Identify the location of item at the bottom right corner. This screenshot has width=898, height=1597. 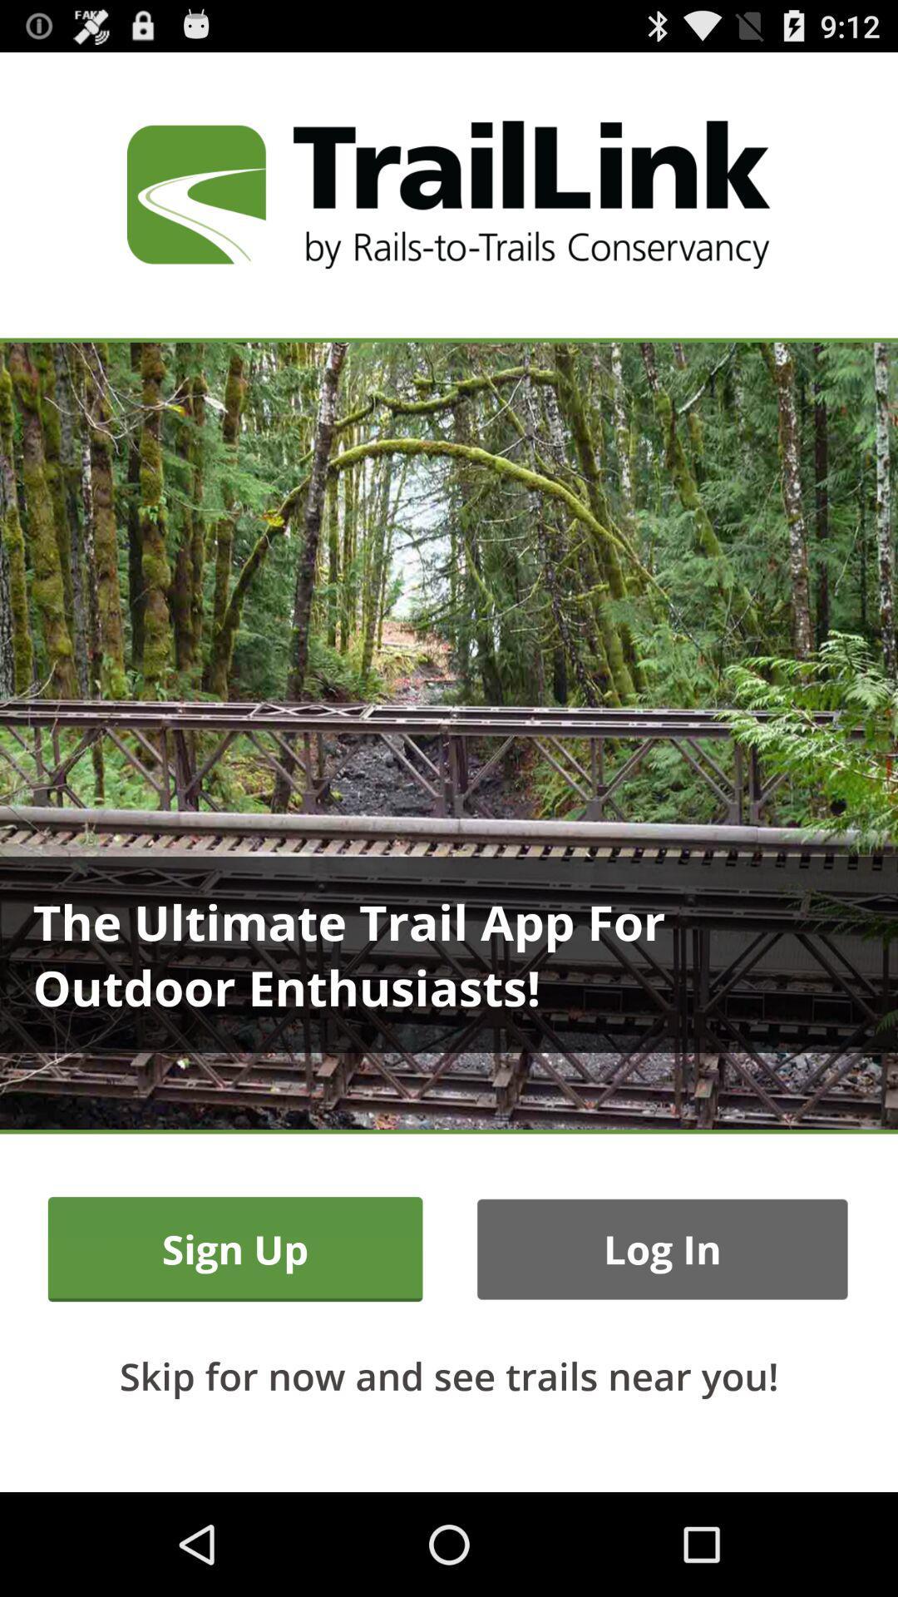
(661, 1249).